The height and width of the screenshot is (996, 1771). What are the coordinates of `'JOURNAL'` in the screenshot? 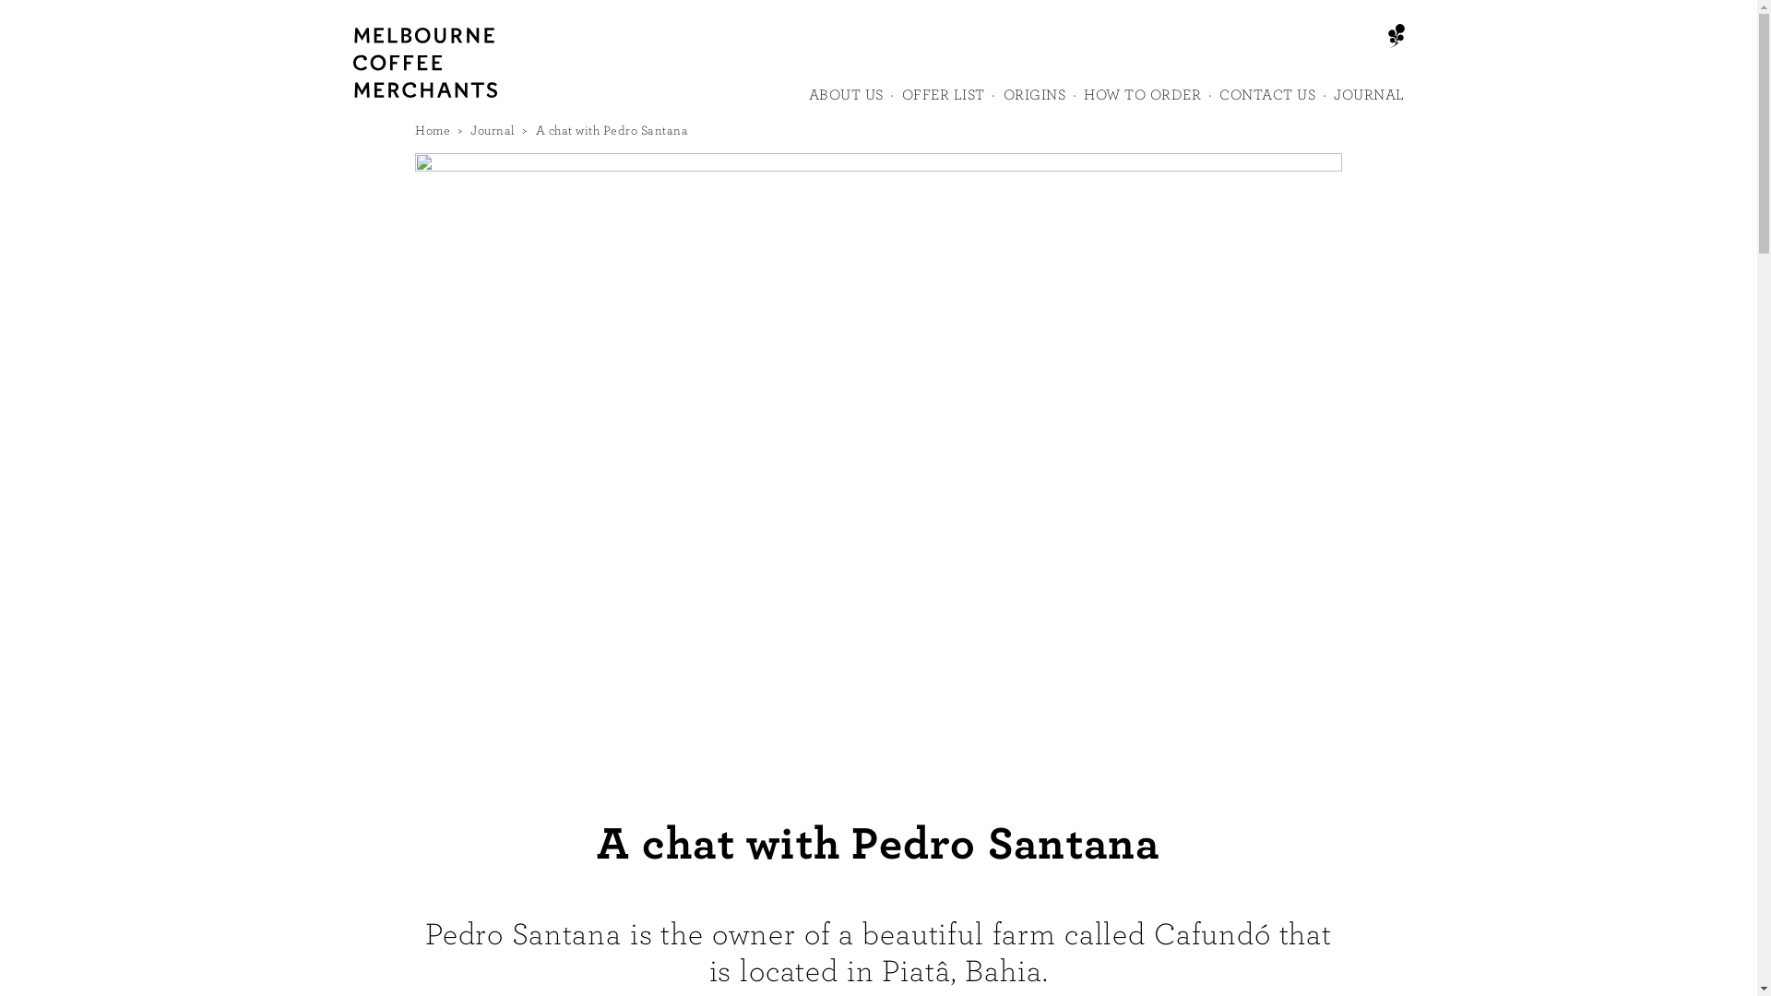 It's located at (1369, 102).